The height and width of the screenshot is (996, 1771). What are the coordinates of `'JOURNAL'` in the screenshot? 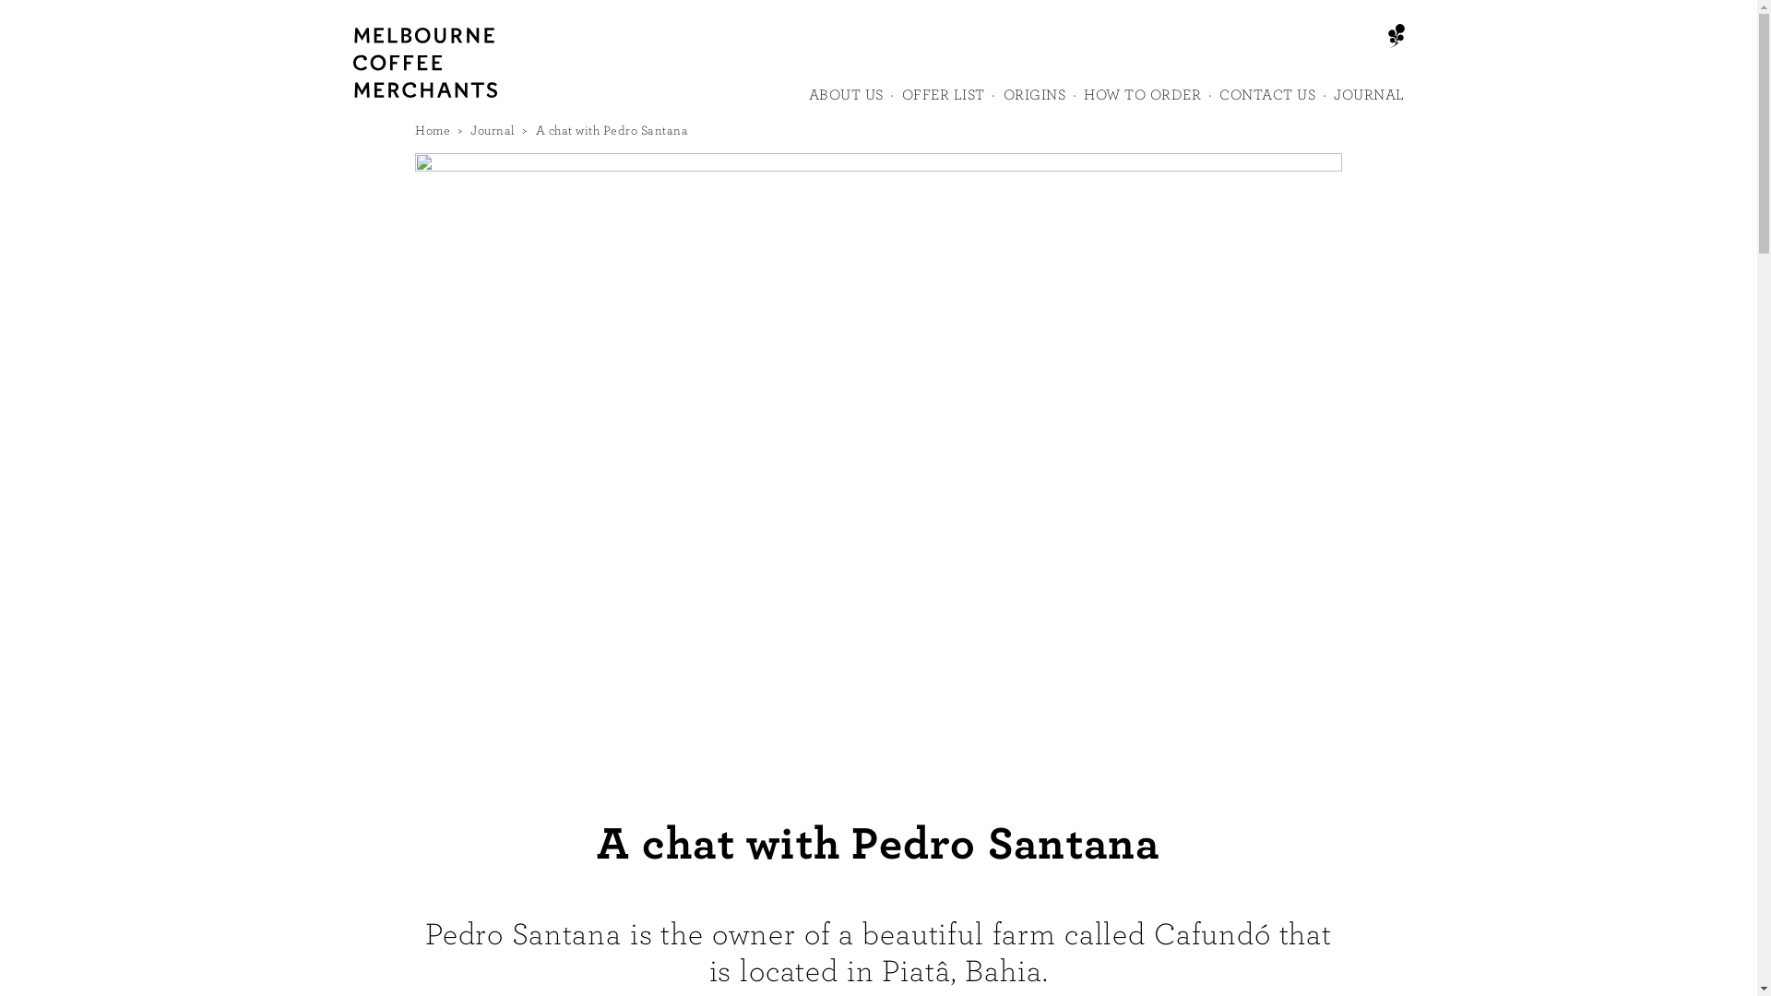 It's located at (1369, 102).